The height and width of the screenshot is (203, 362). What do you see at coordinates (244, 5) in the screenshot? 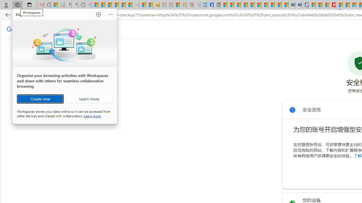
I see `'Climate Damage Becomes Too Severe To Reverse'` at bounding box center [244, 5].